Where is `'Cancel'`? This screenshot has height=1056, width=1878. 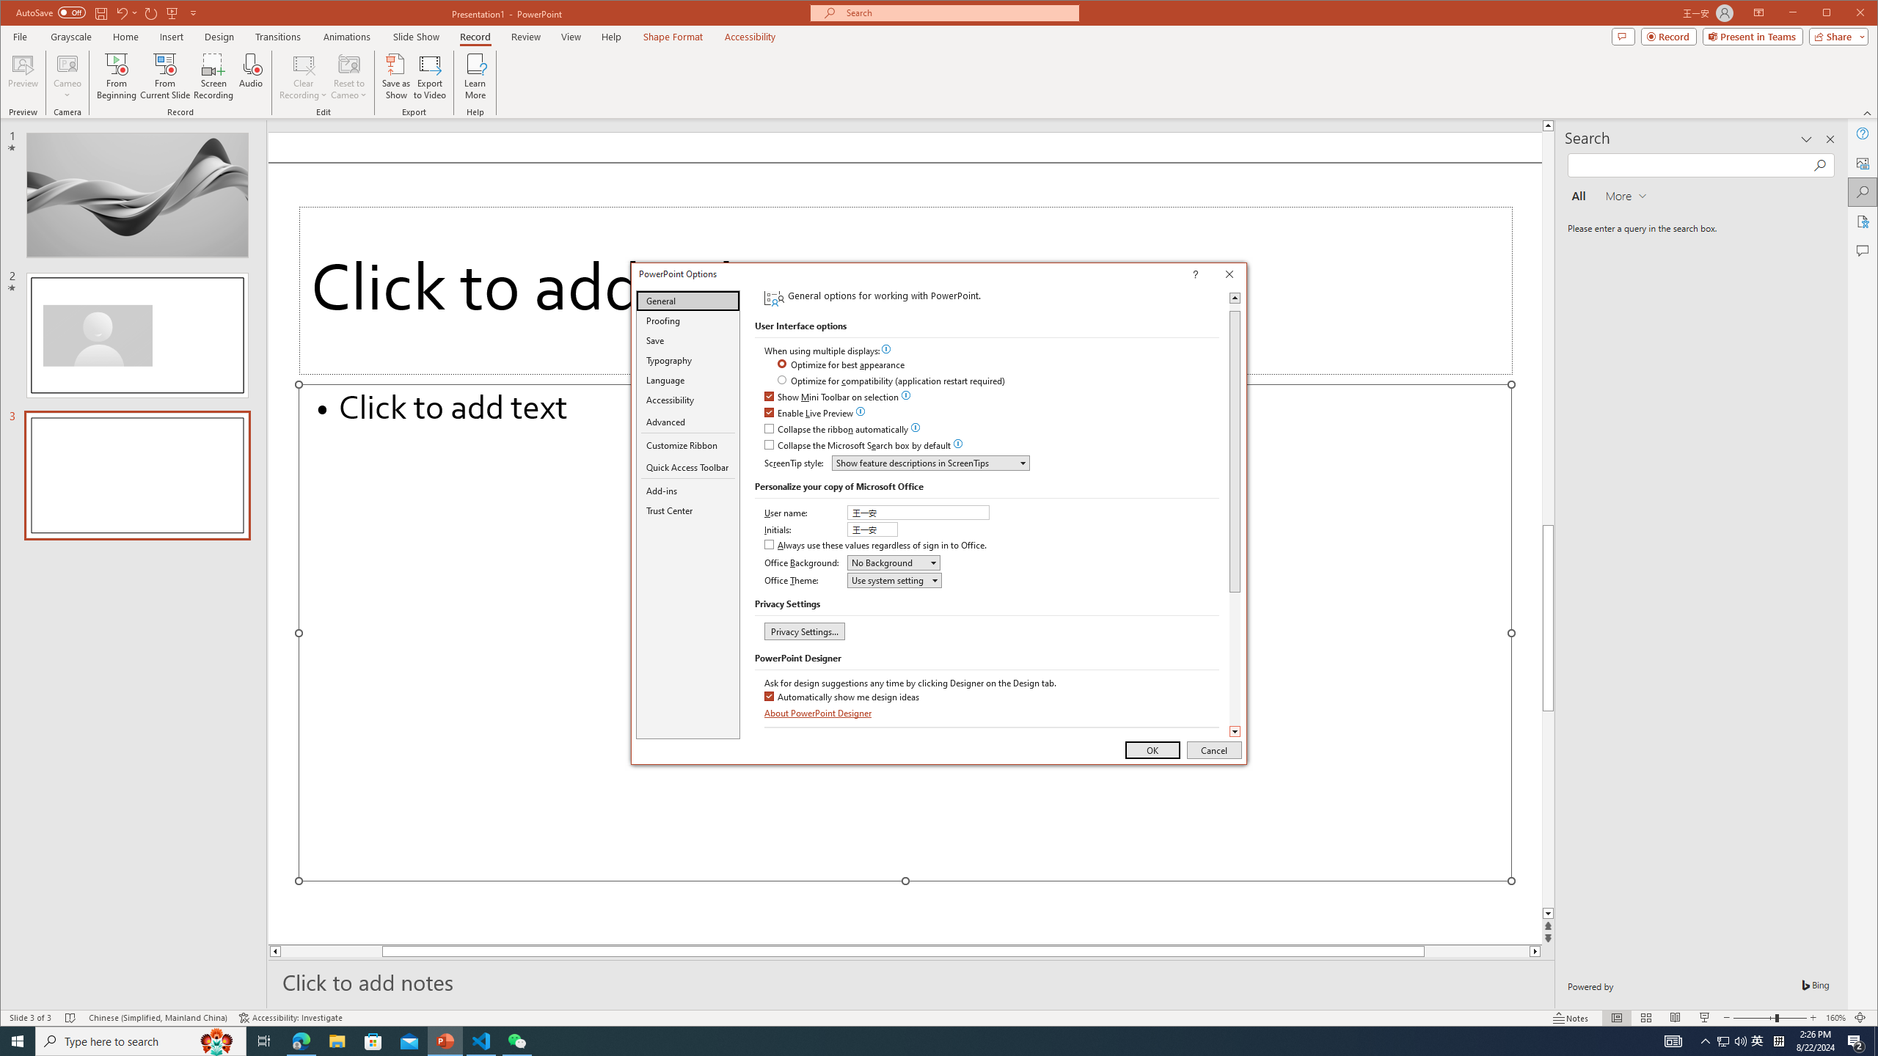 'Cancel' is located at coordinates (1214, 749).